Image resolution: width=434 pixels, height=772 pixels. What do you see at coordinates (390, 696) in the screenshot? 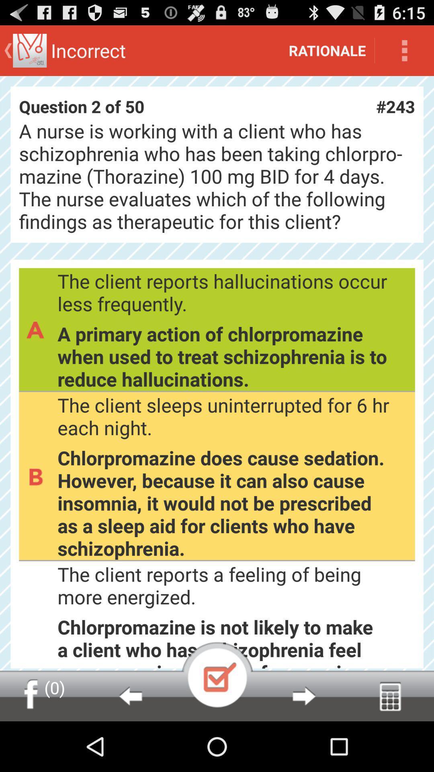
I see `icon below chlorpromazine is not icon` at bounding box center [390, 696].